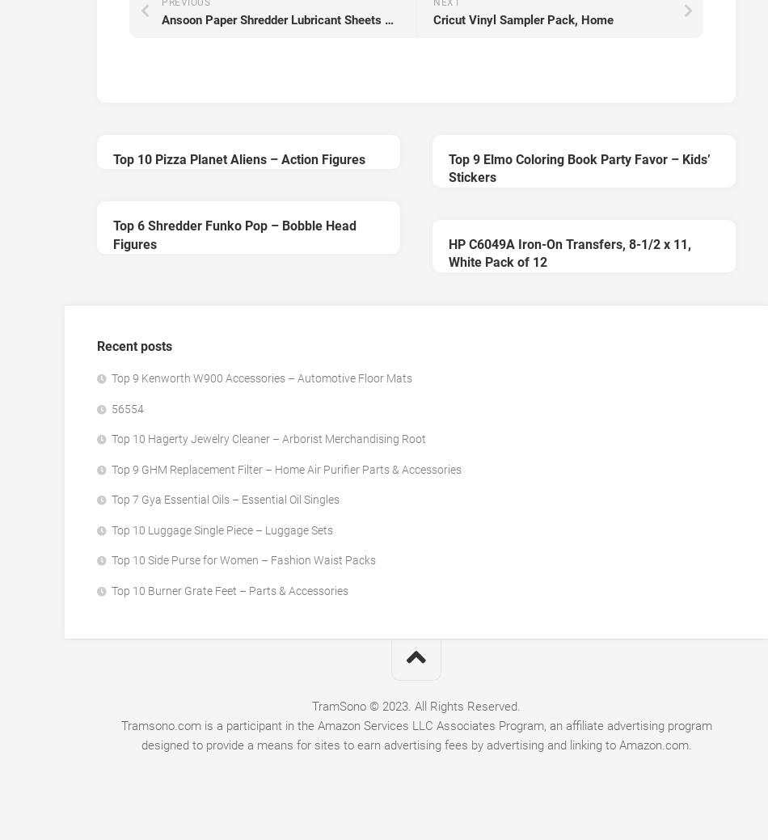 The width and height of the screenshot is (768, 840). I want to click on 'Top 9 Kenworth W900 Accessories – Automotive Floor Mats', so click(261, 377).